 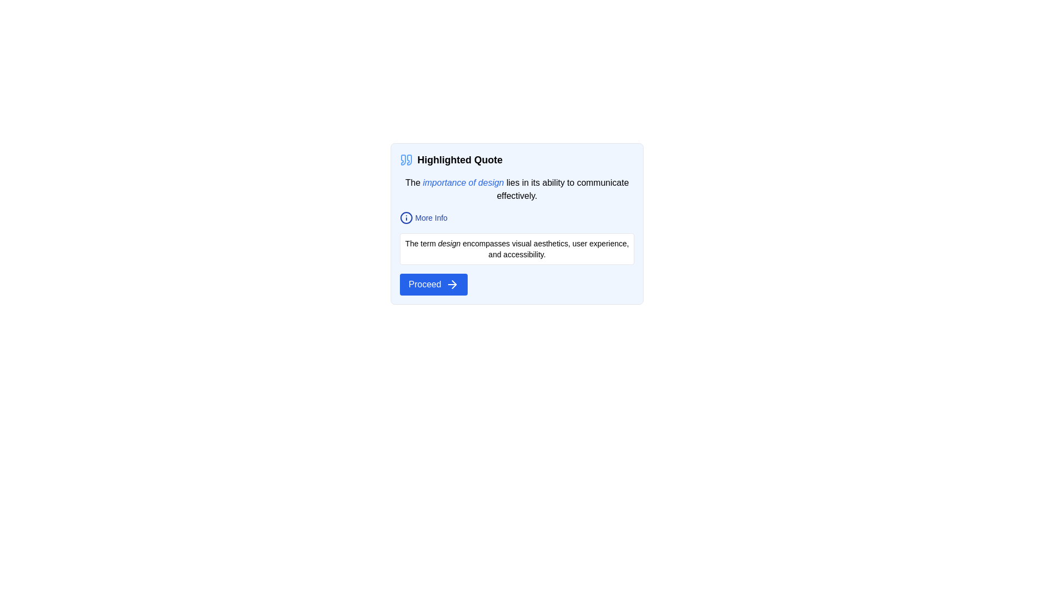 What do you see at coordinates (449, 243) in the screenshot?
I see `the word 'design' within the informational text that discusses visual aesthetics, user experience, and accessibility` at bounding box center [449, 243].